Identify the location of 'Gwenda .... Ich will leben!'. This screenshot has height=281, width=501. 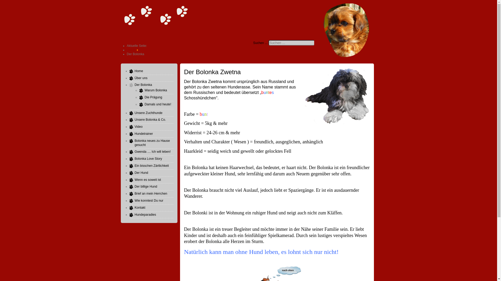
(134, 151).